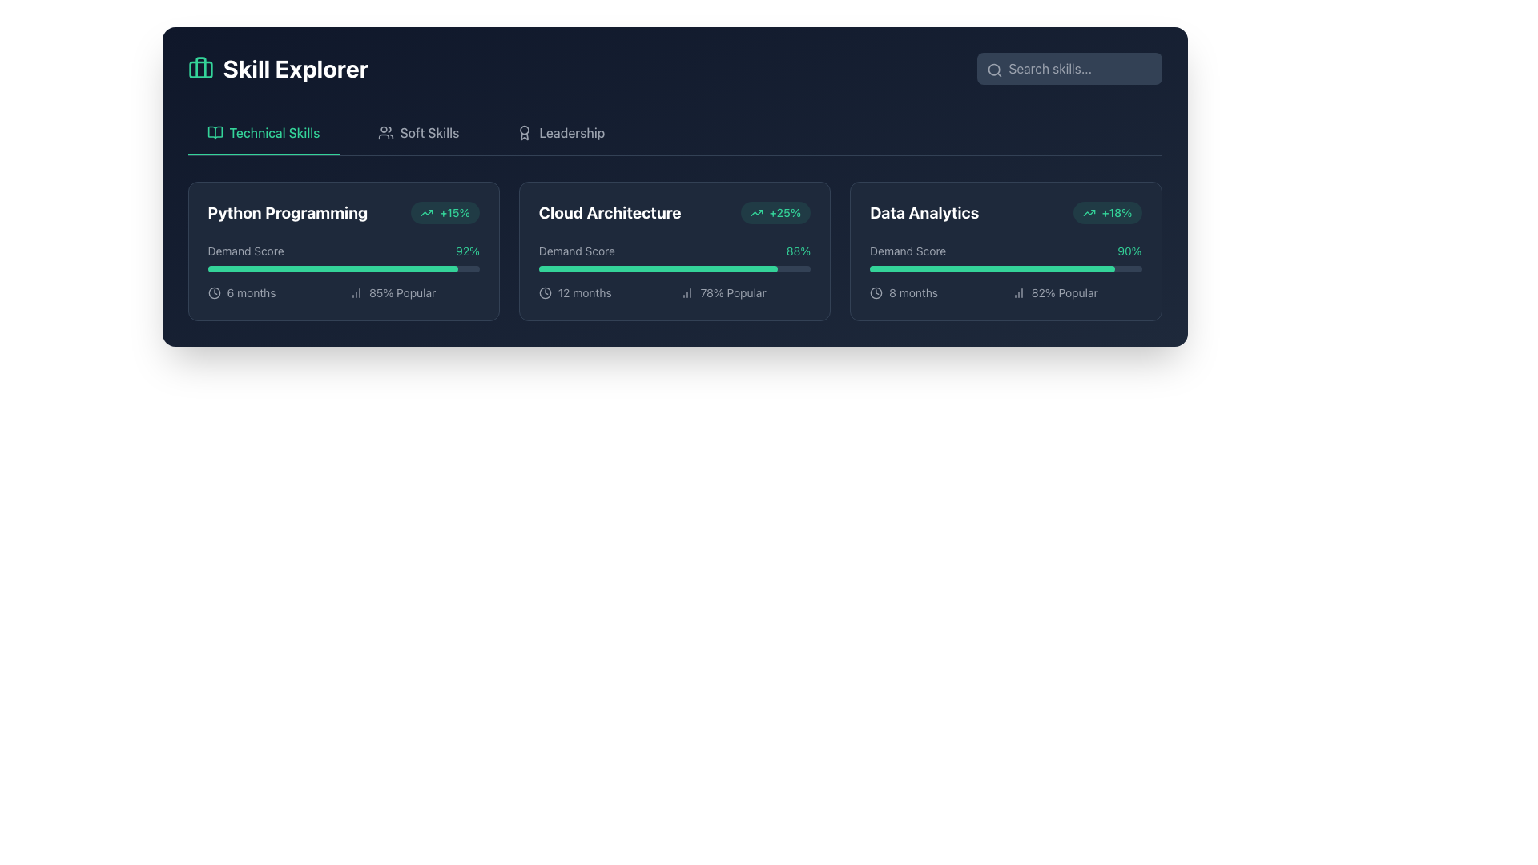 The width and height of the screenshot is (1538, 865). What do you see at coordinates (1005, 271) in the screenshot?
I see `the percentage text on the progress bar located below the title 'Data Analytics' and above the labels '8 months' and '82% Popular'` at bounding box center [1005, 271].